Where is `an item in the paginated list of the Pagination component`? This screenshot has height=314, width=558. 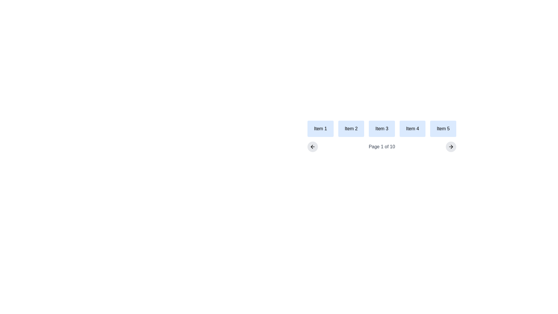
an item in the paginated list of the Pagination component is located at coordinates (382, 136).